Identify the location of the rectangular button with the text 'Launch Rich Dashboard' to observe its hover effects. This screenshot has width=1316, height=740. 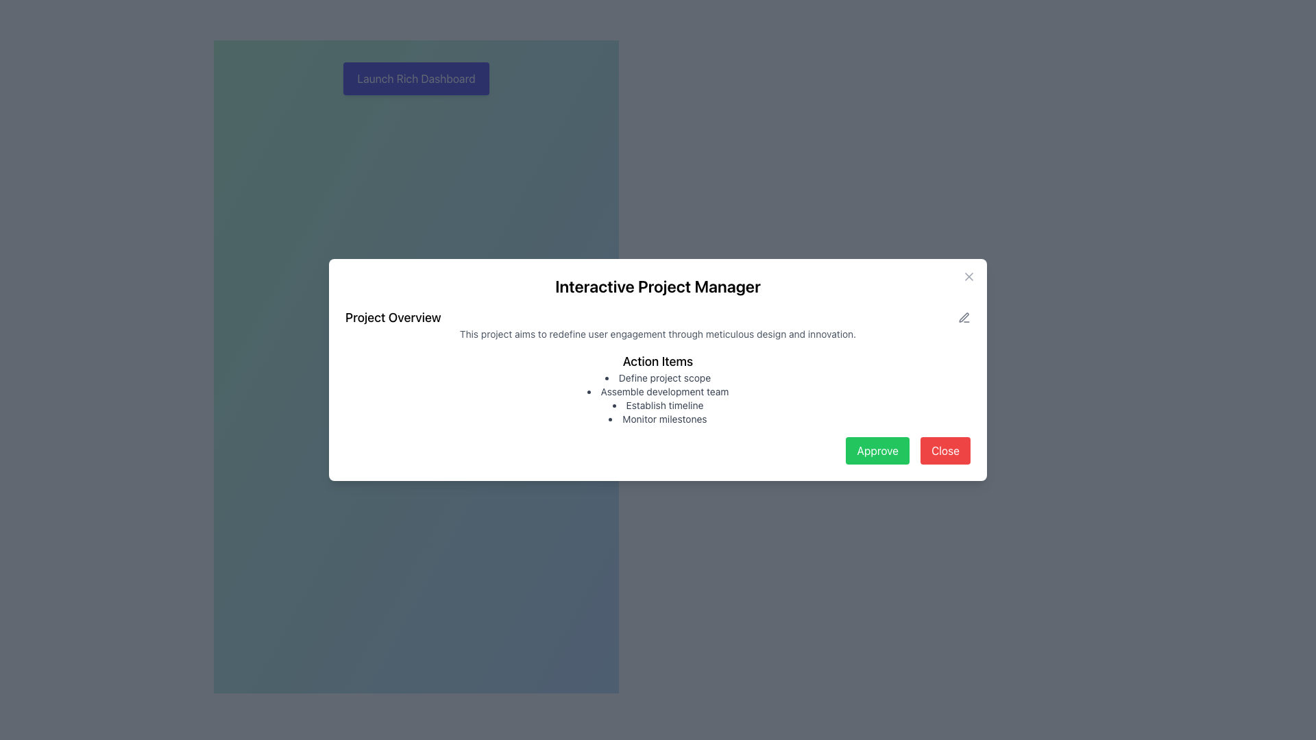
(415, 79).